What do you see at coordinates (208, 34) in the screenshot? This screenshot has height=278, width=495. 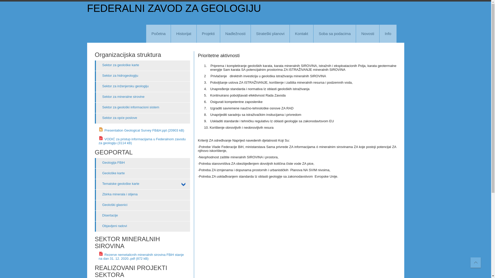 I see `'Projekti'` at bounding box center [208, 34].